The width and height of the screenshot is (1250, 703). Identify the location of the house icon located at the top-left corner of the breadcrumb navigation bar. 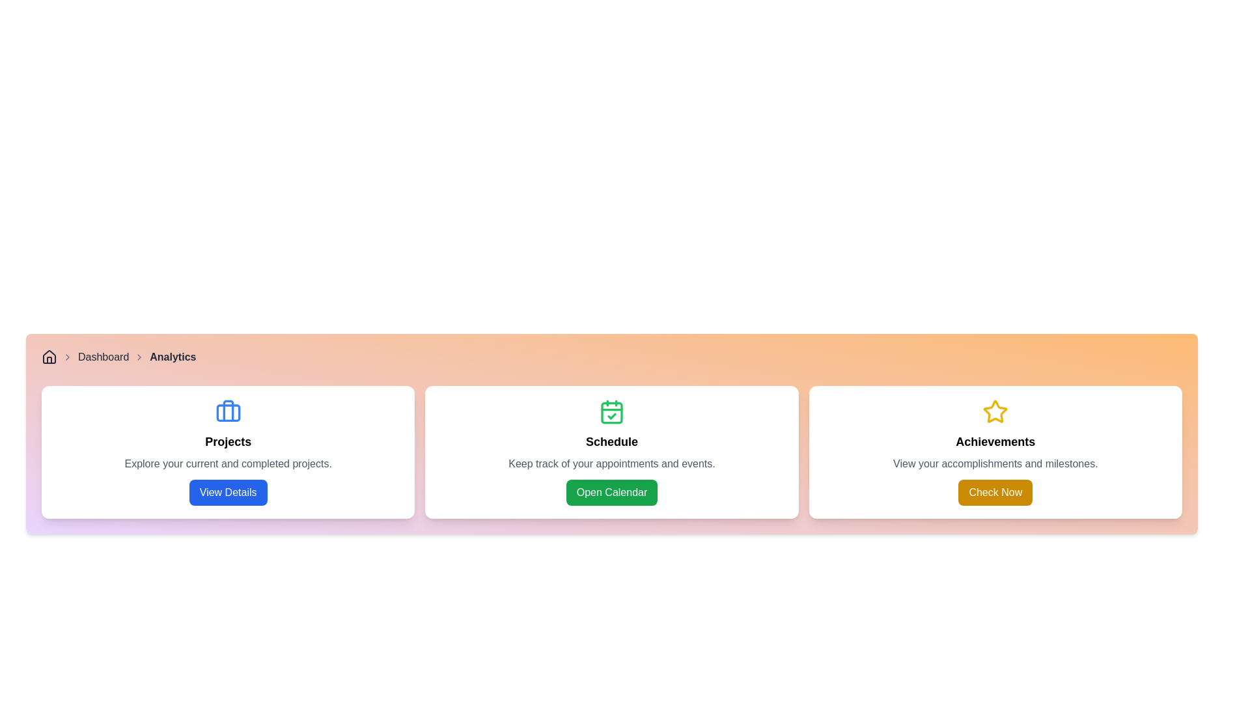
(49, 357).